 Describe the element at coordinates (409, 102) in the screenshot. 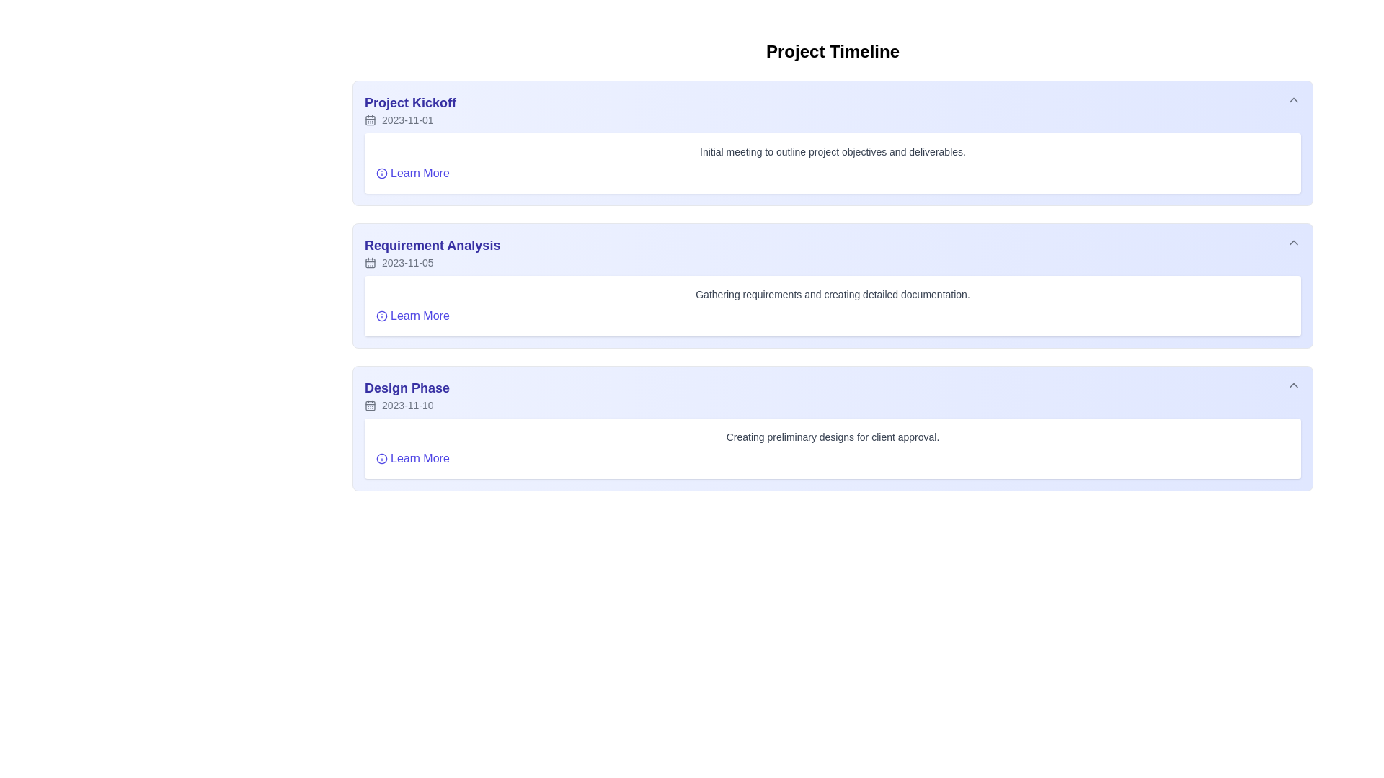

I see `text label displaying 'Project Kickoff', which is a bold indigo header positioned at the top of its card, just above the date '2023-11-01'` at that location.